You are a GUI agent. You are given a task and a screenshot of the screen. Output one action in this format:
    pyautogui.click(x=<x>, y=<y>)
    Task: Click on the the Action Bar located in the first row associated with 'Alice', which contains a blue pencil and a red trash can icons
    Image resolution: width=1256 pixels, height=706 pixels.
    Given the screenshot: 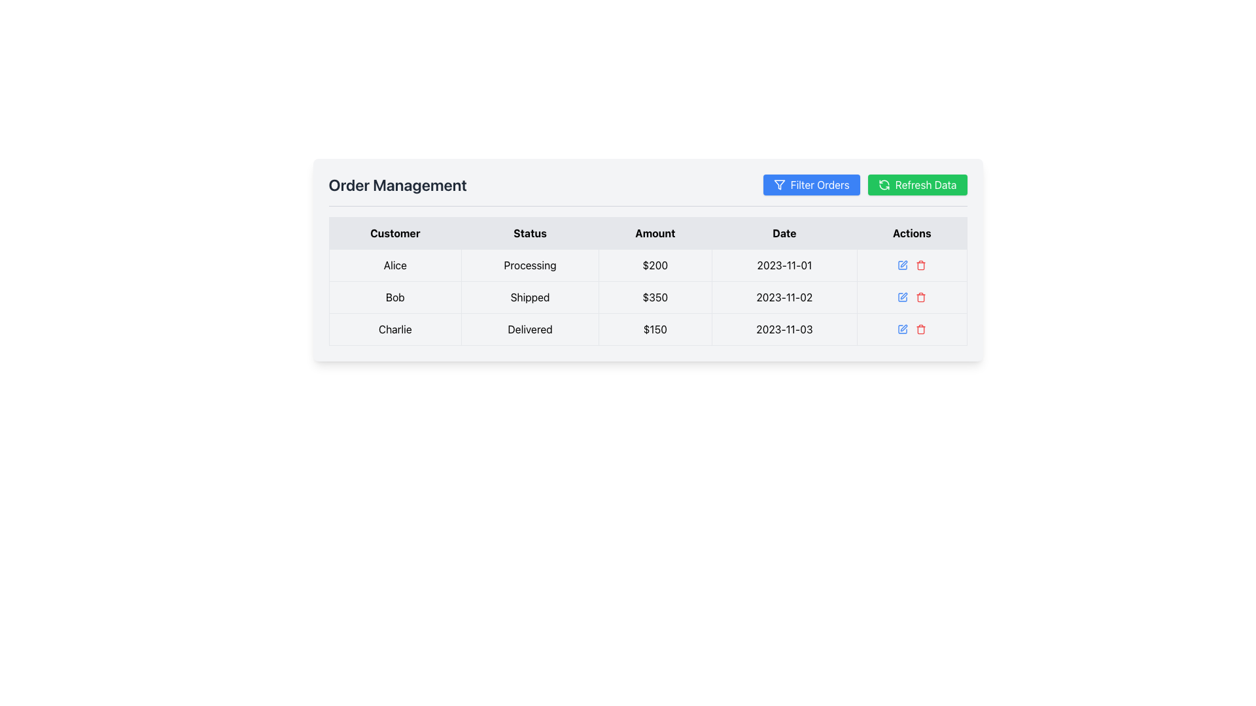 What is the action you would take?
    pyautogui.click(x=911, y=265)
    